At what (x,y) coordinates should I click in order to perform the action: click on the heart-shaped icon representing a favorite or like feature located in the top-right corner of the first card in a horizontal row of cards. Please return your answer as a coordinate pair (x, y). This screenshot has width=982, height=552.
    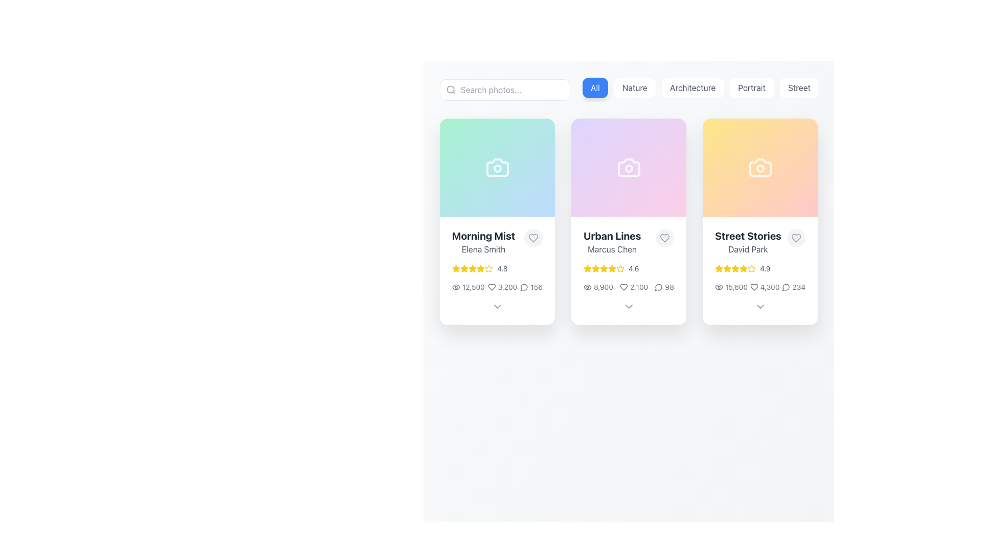
    Looking at the image, I should click on (532, 238).